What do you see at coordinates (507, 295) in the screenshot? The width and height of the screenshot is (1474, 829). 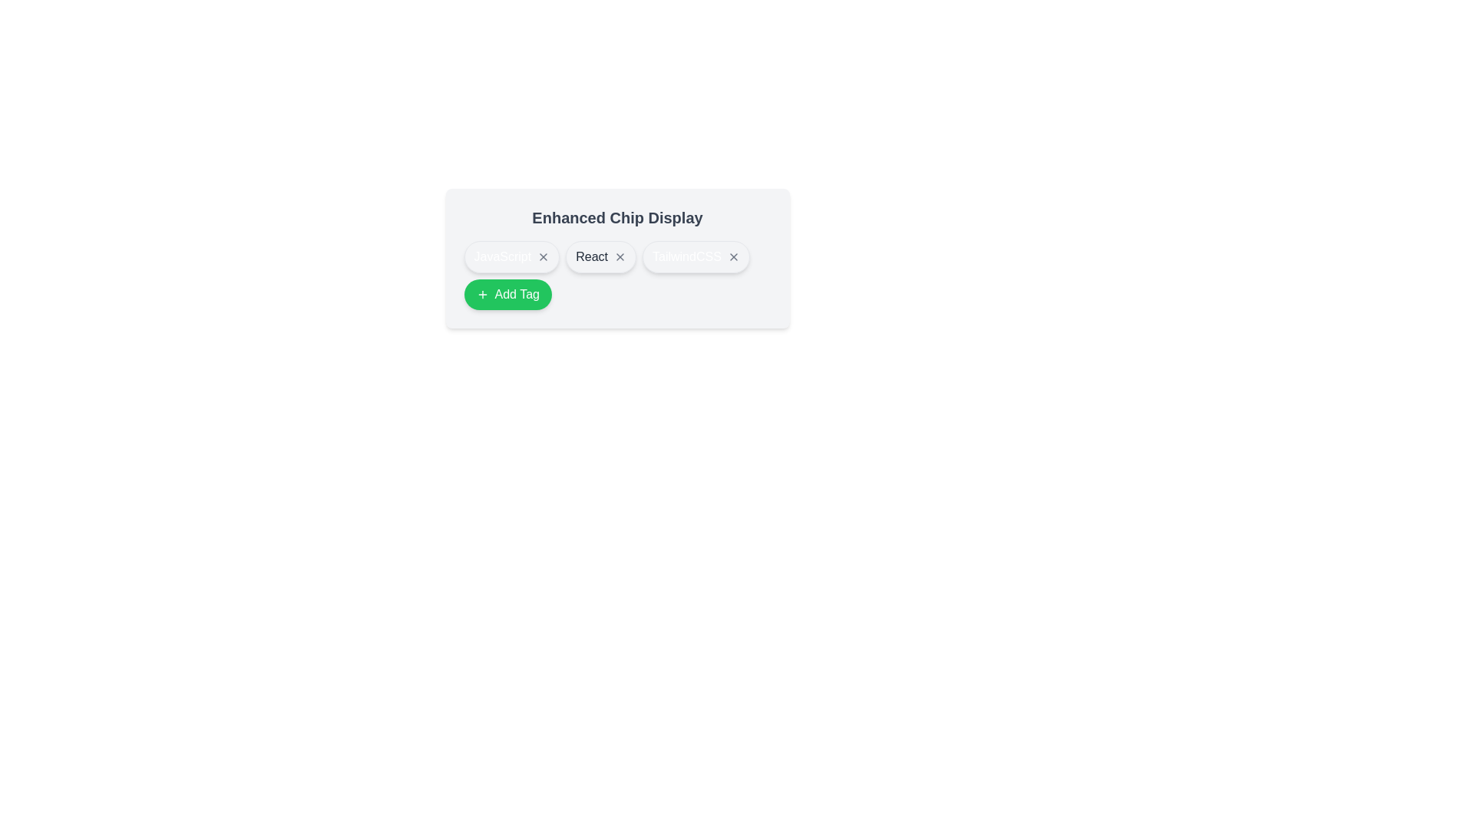 I see `'Add Tag' button to add a new tag` at bounding box center [507, 295].